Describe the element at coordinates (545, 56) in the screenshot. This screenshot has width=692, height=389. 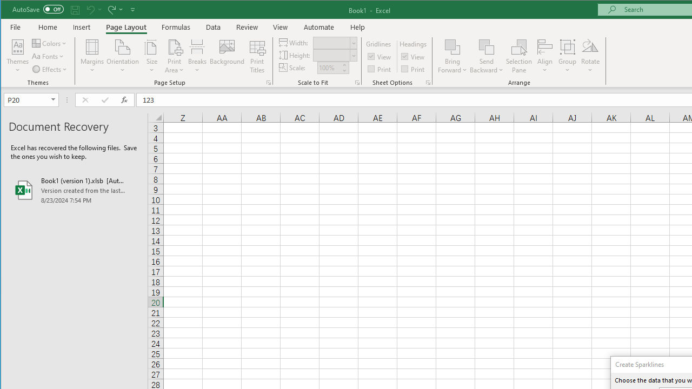
I see `'Align'` at that location.